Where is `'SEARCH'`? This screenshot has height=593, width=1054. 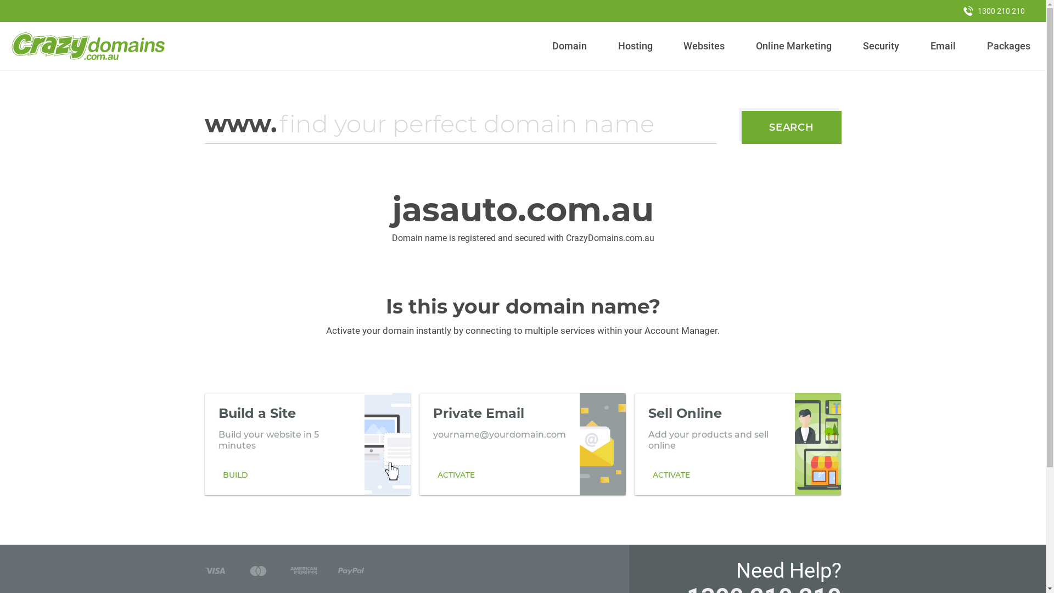
'SEARCH' is located at coordinates (741, 126).